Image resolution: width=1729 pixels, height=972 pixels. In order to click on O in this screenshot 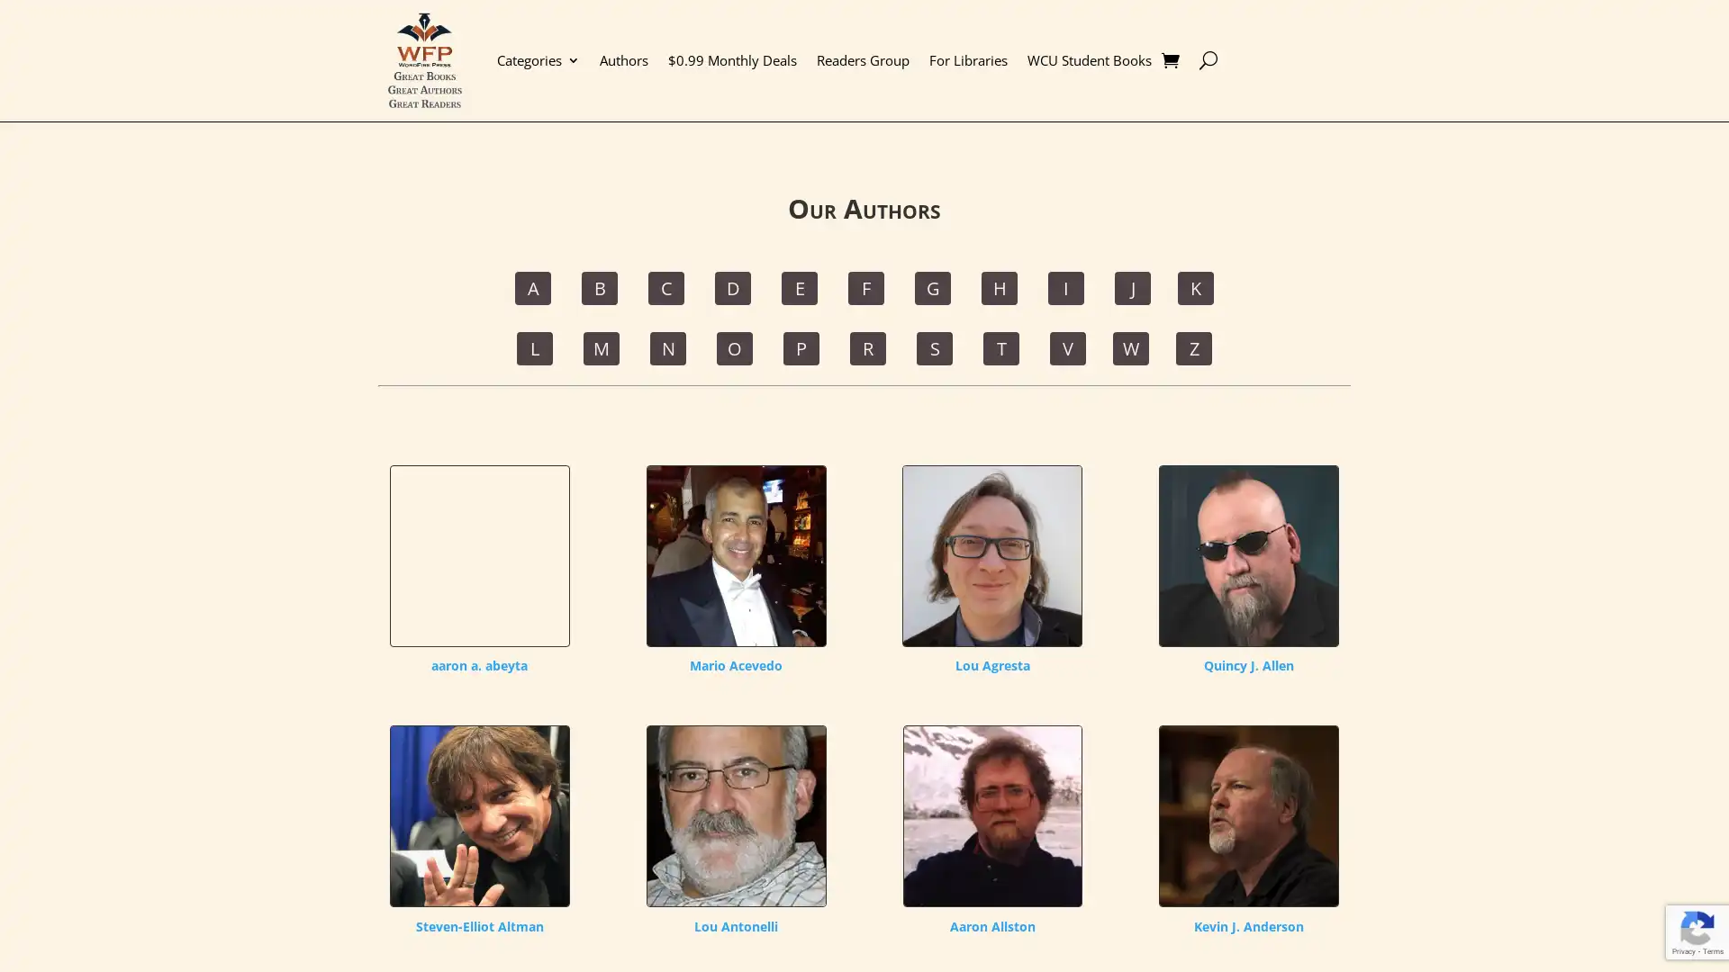, I will do `click(735, 347)`.